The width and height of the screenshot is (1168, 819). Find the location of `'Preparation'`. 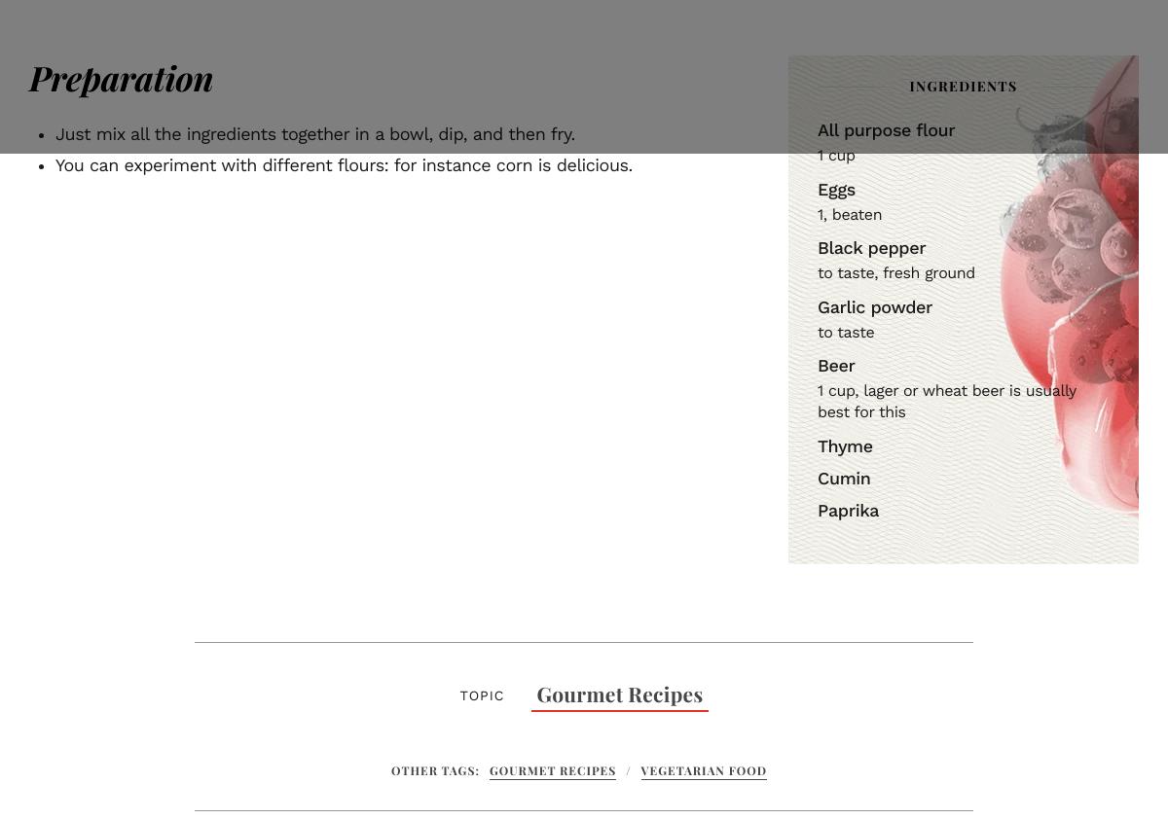

'Preparation' is located at coordinates (29, 76).